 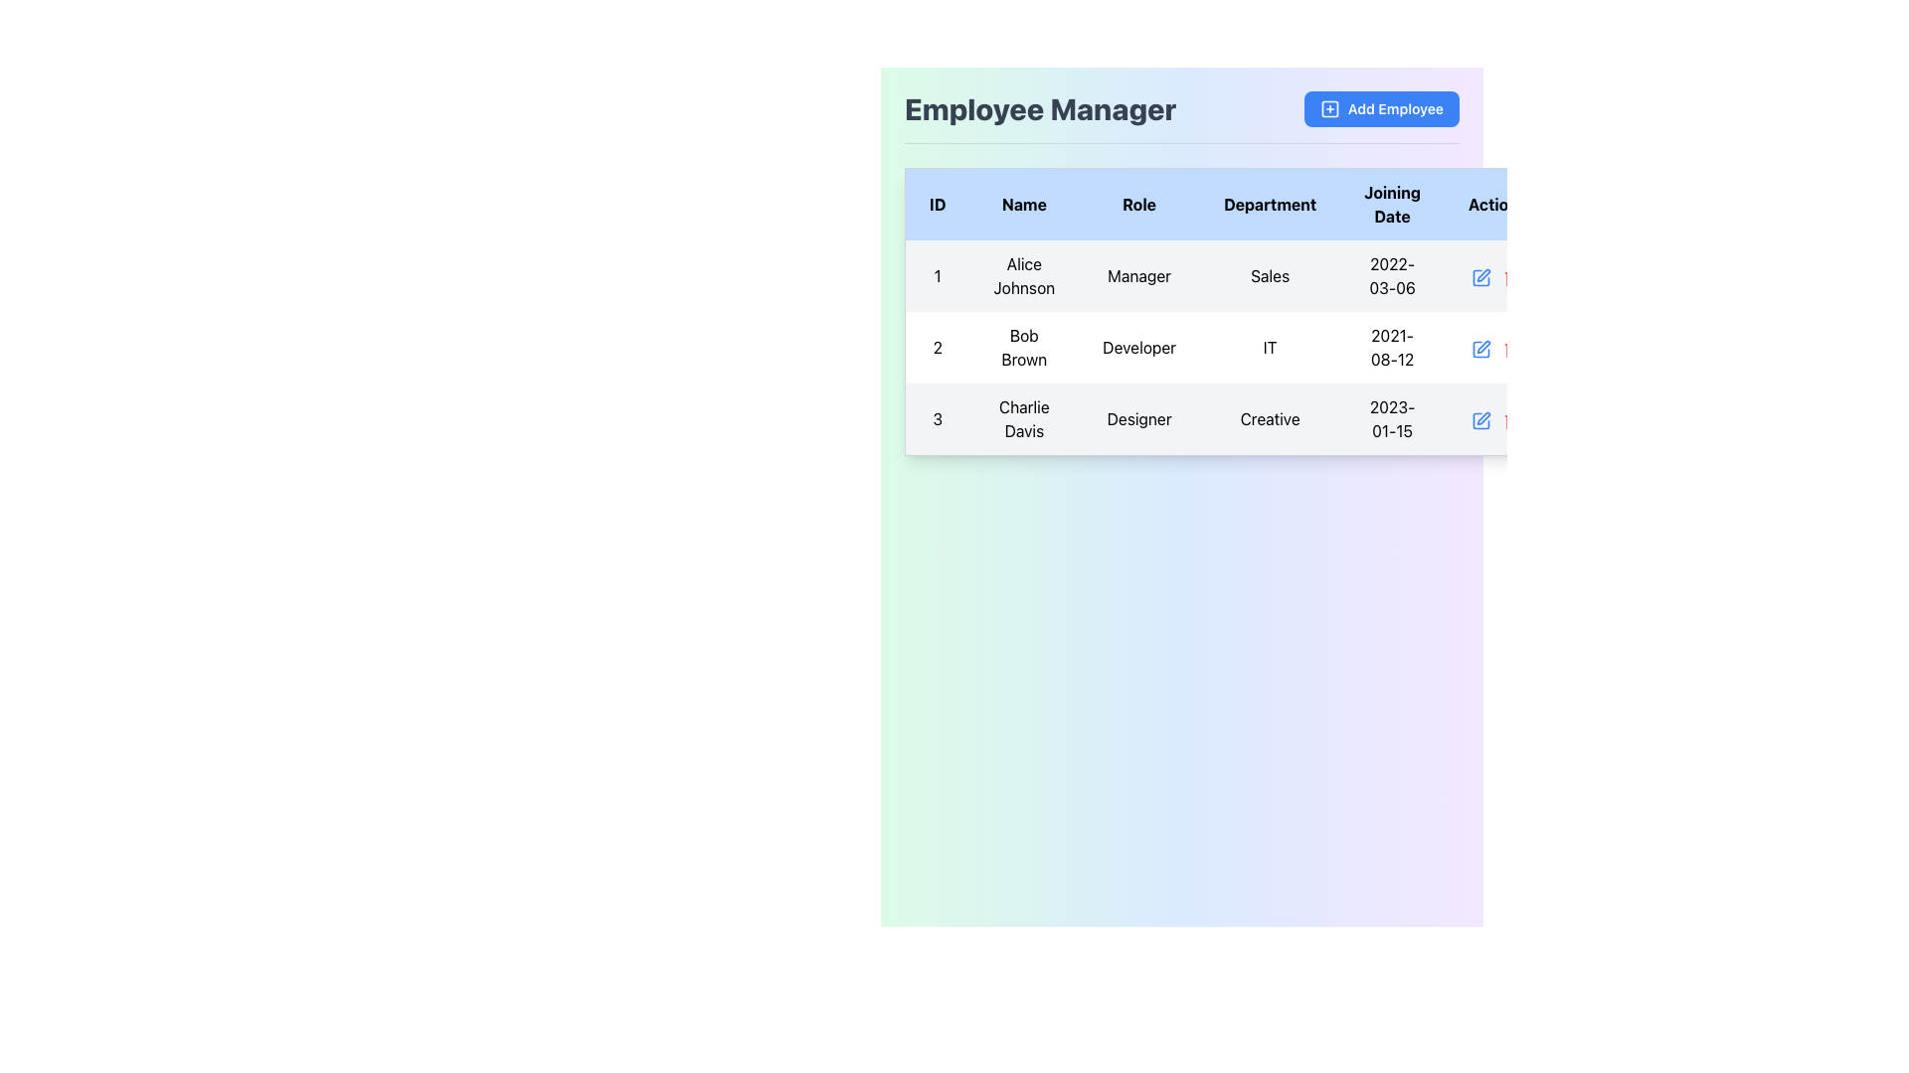 What do you see at coordinates (1380, 109) in the screenshot?
I see `the blue rectangular 'Add Employee' button with a plus icon located in the top-right corner of the 'Employee Manager' section` at bounding box center [1380, 109].